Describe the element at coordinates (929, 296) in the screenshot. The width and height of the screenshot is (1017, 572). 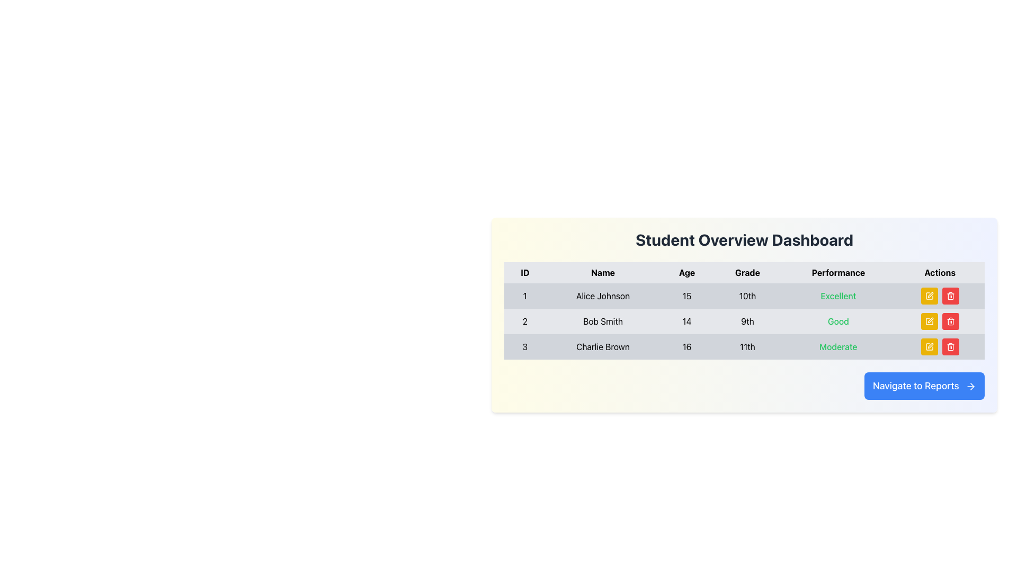
I see `the yellow edit button located in the 'Actions' column of the first row for 'Alice Johnson', which features a pencil icon` at that location.